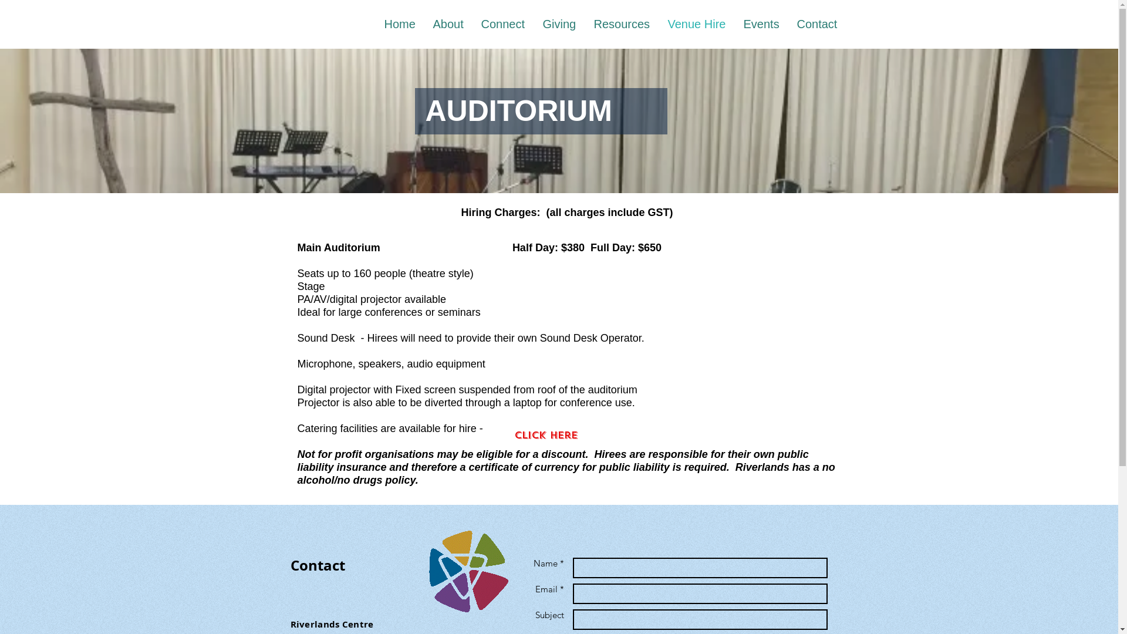 The height and width of the screenshot is (634, 1127). I want to click on 'Giving', so click(559, 24).